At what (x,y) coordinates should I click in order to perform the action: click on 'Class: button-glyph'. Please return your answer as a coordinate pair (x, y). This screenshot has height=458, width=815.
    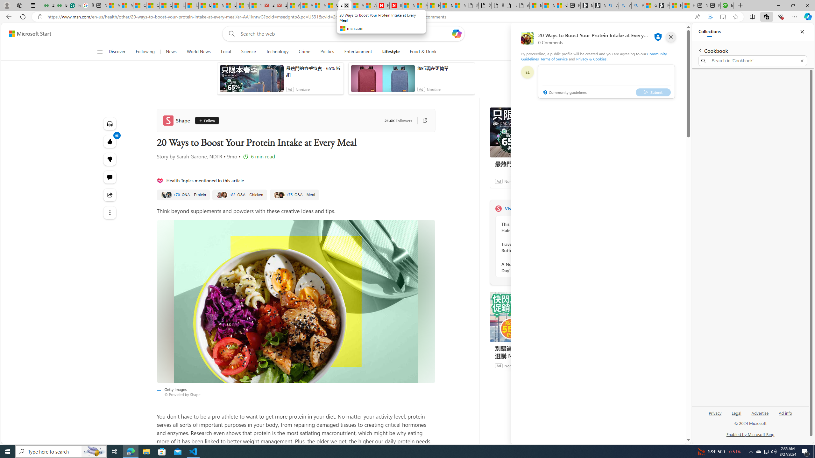
    Looking at the image, I should click on (100, 52).